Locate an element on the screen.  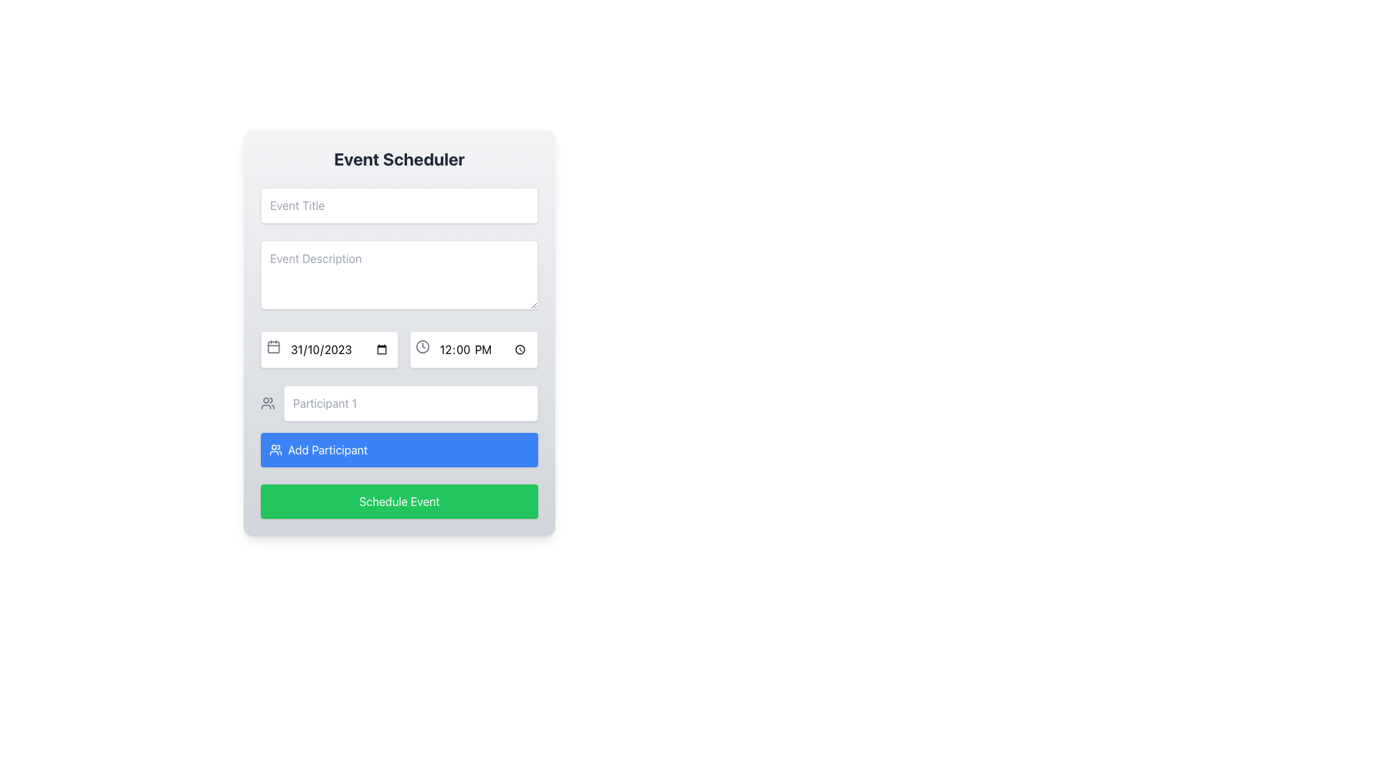
the circle within the clock icon located to the right side of the time input field is located at coordinates (422, 346).